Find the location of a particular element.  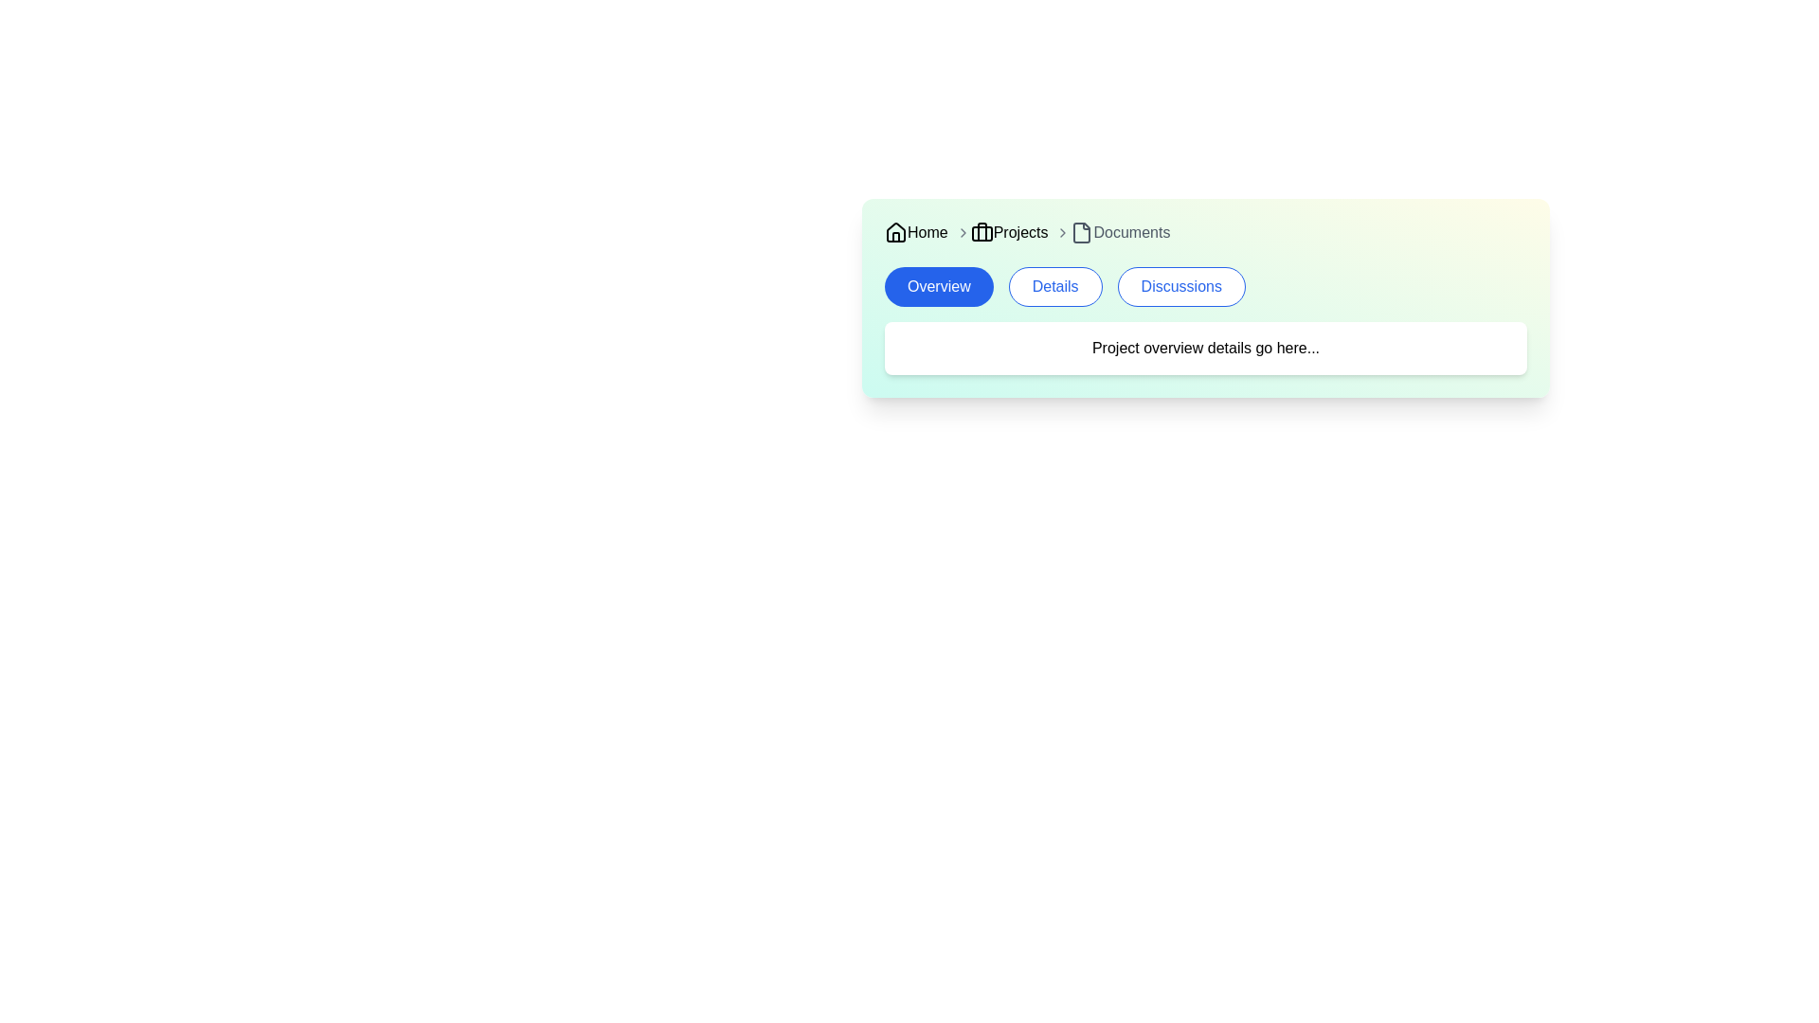

the 'Projects' link in the breadcrumb navigation is located at coordinates (1000, 232).